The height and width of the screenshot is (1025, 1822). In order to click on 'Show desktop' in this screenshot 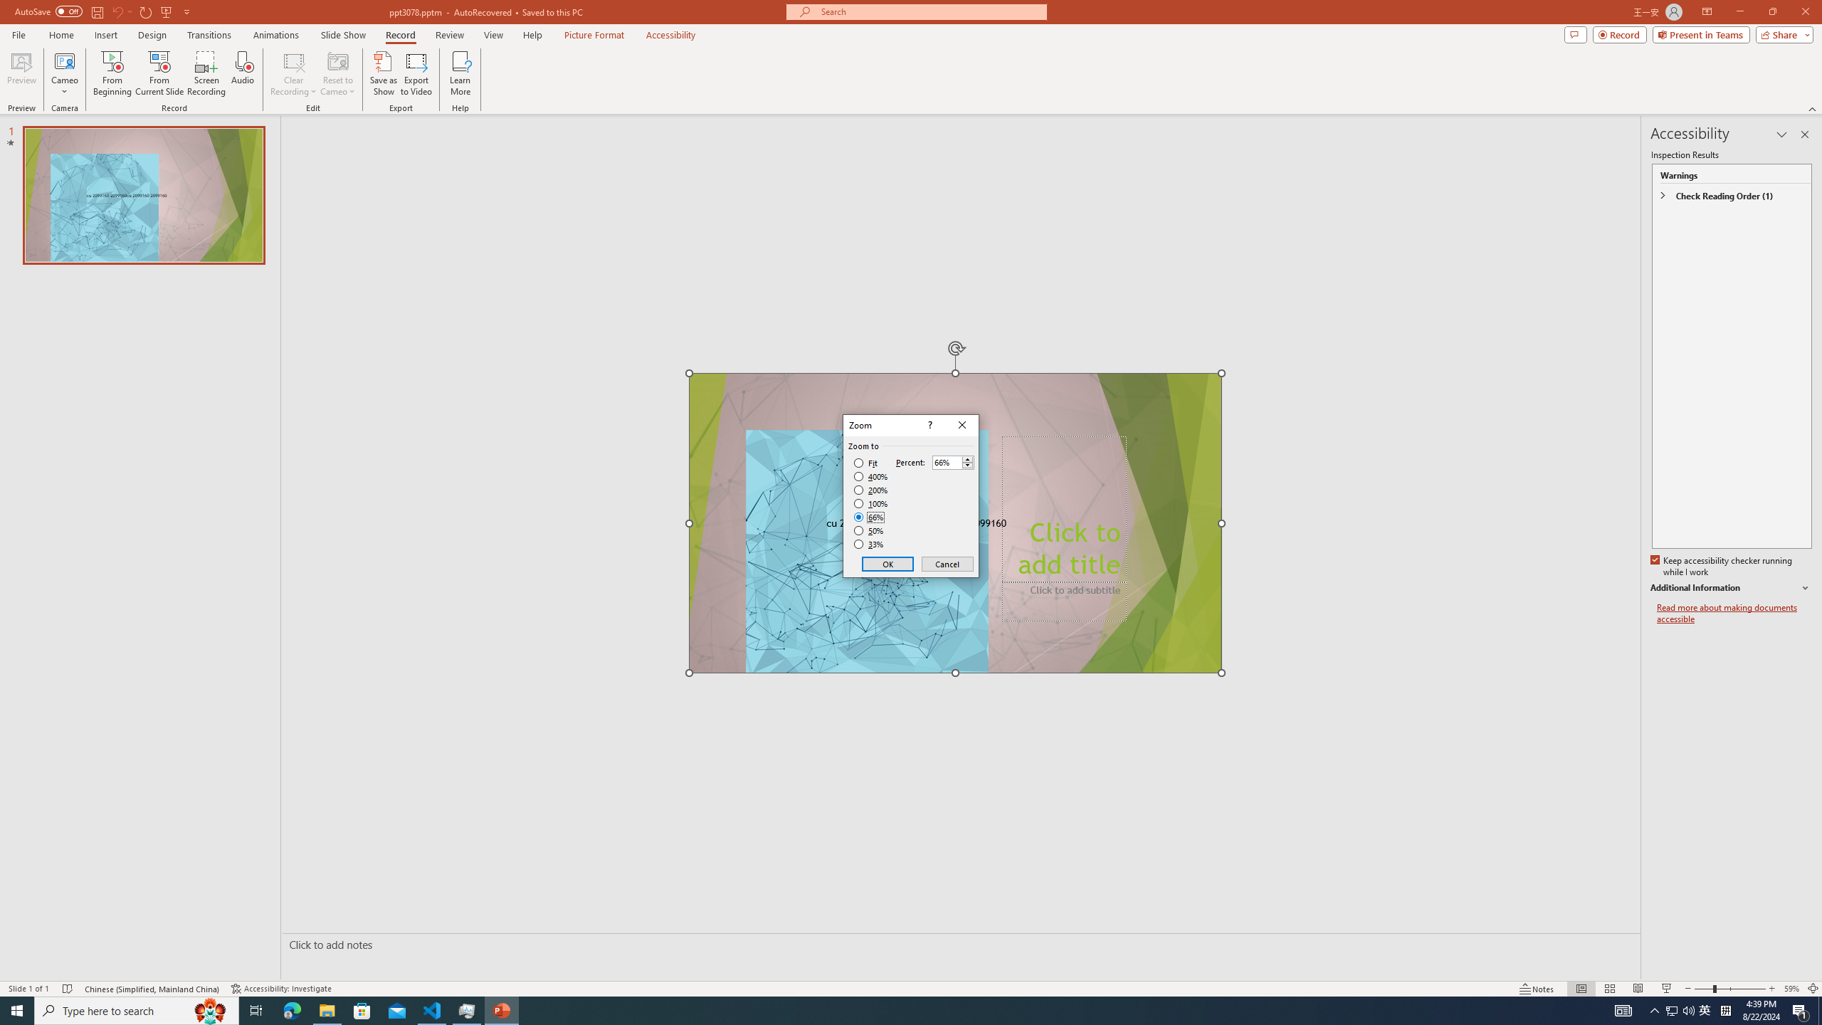, I will do `click(1819, 1009)`.